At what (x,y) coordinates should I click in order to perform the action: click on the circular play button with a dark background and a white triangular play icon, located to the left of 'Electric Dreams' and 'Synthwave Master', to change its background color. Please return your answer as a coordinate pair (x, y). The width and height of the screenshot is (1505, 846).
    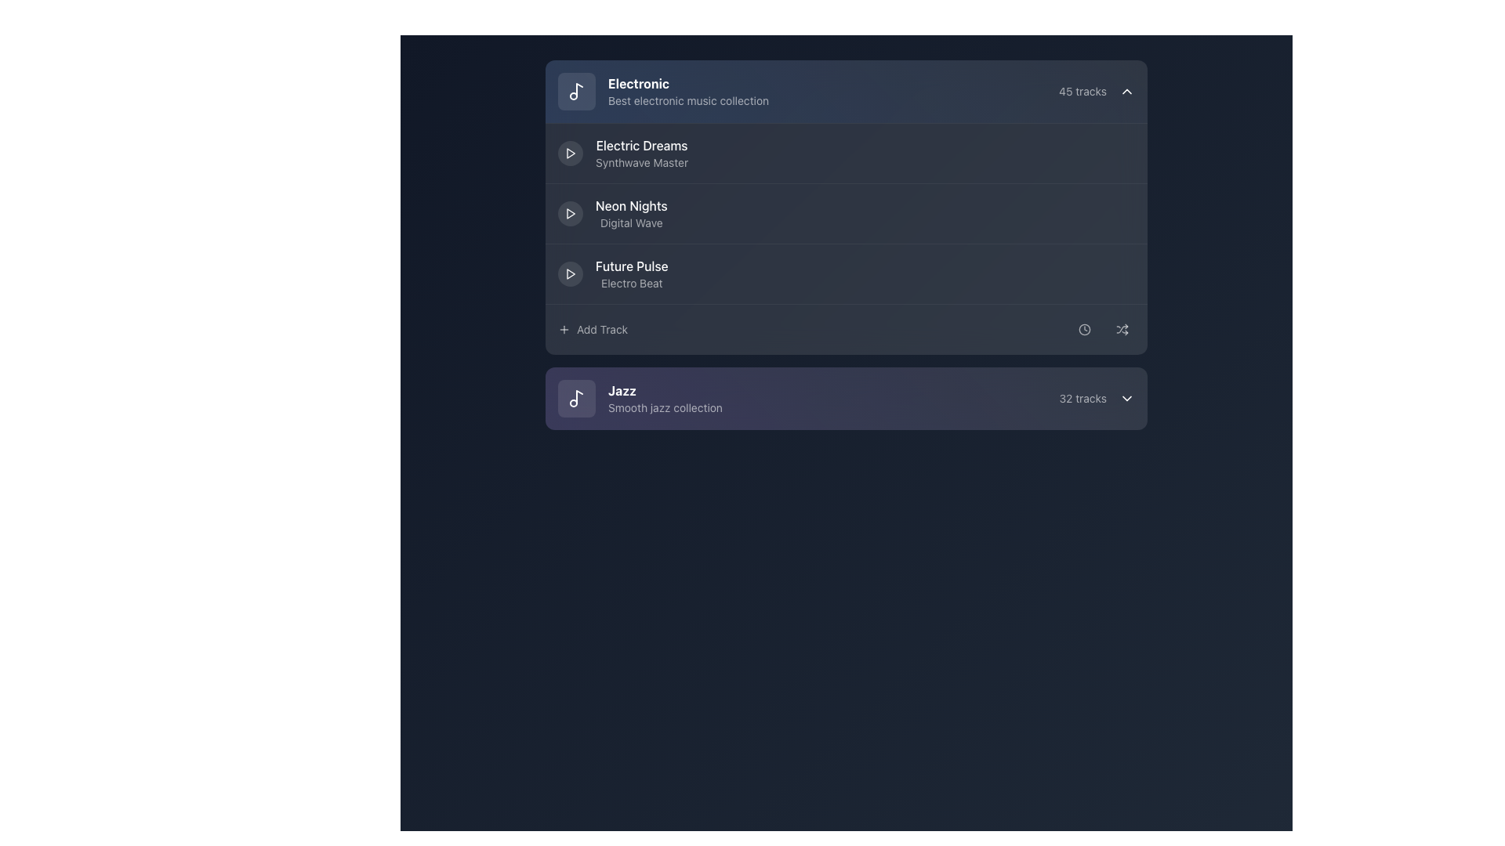
    Looking at the image, I should click on (570, 154).